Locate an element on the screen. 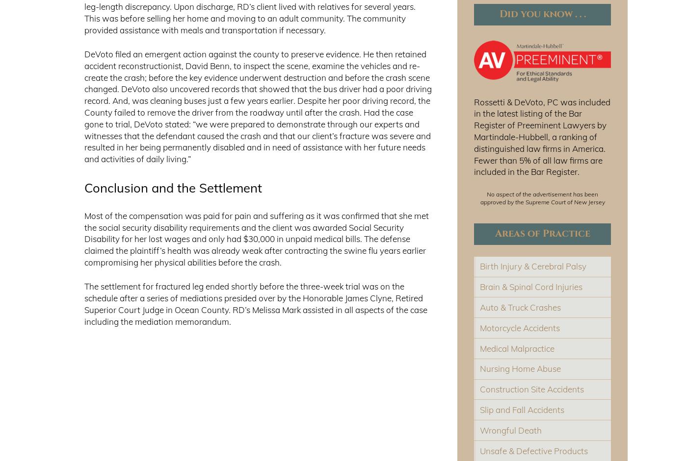  'Areas of Practice' is located at coordinates (542, 233).